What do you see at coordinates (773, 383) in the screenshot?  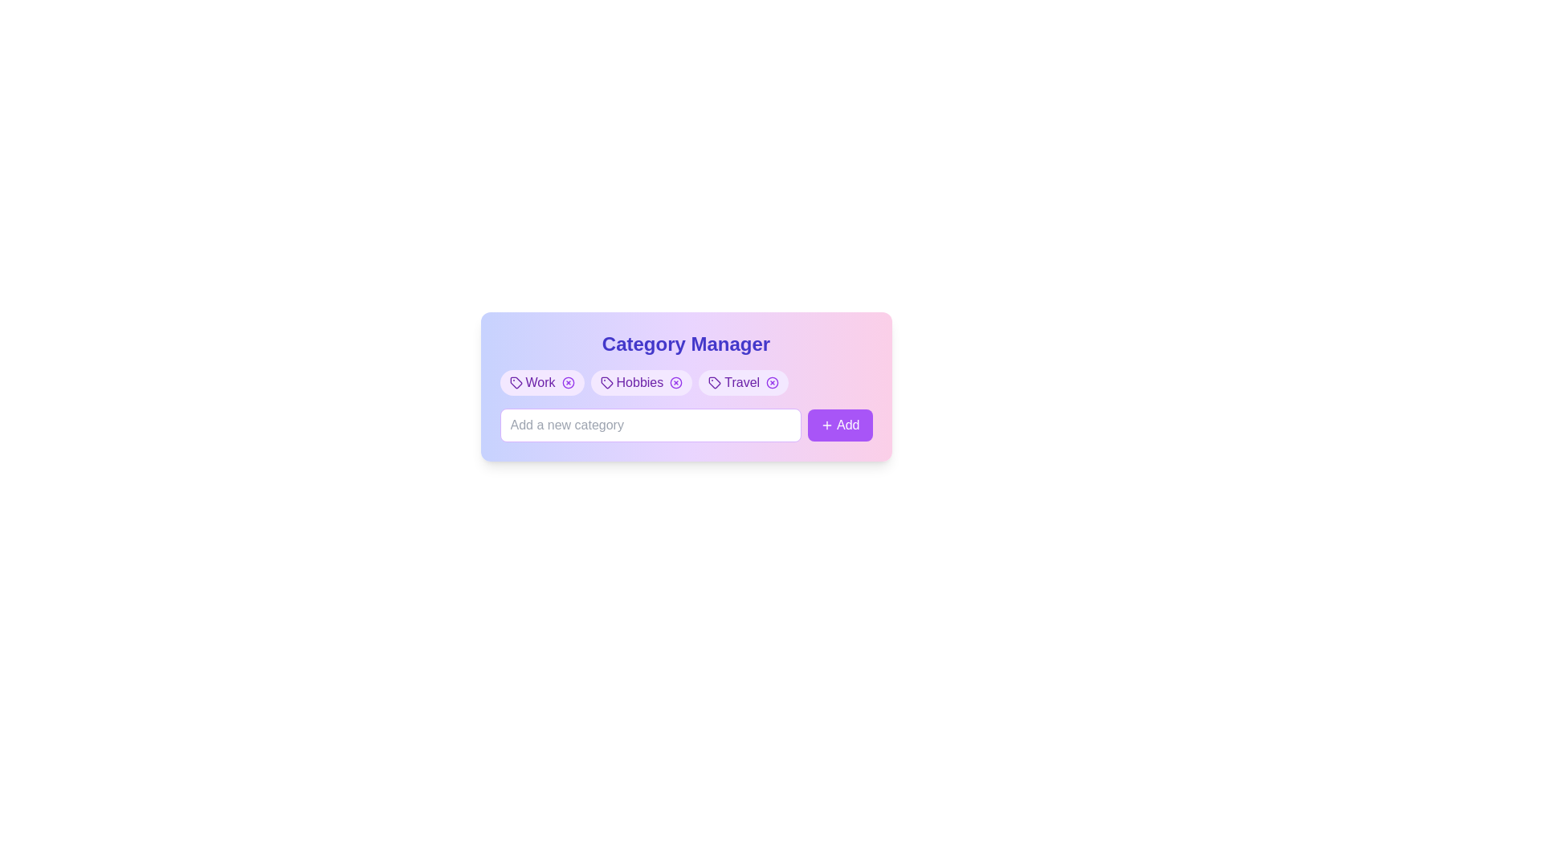 I see `the circular graphical element of the SVG icon located within the 'Travel' tag in the category manager interface, which indicates an interactive feature` at bounding box center [773, 383].